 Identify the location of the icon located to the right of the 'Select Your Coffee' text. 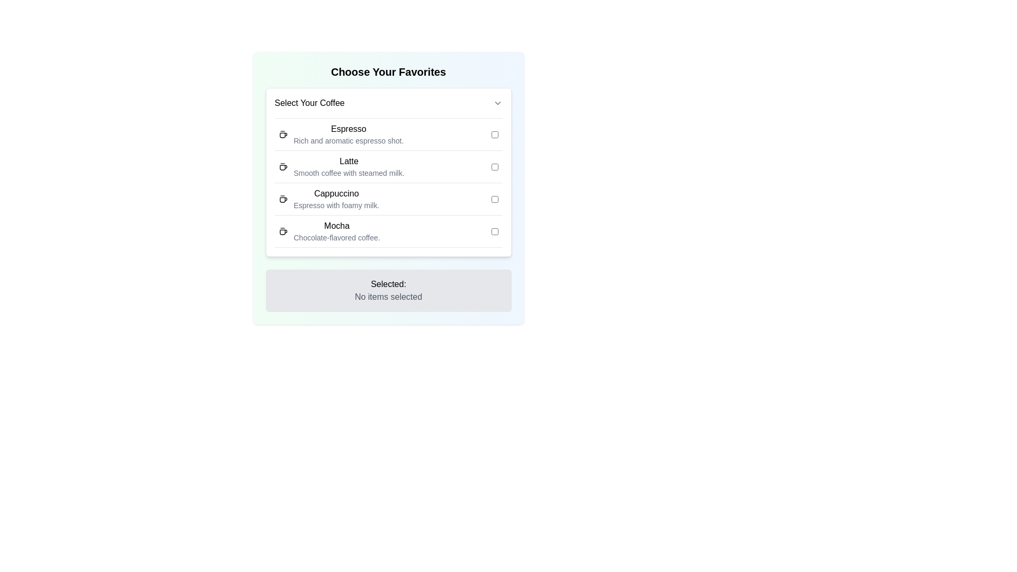
(497, 103).